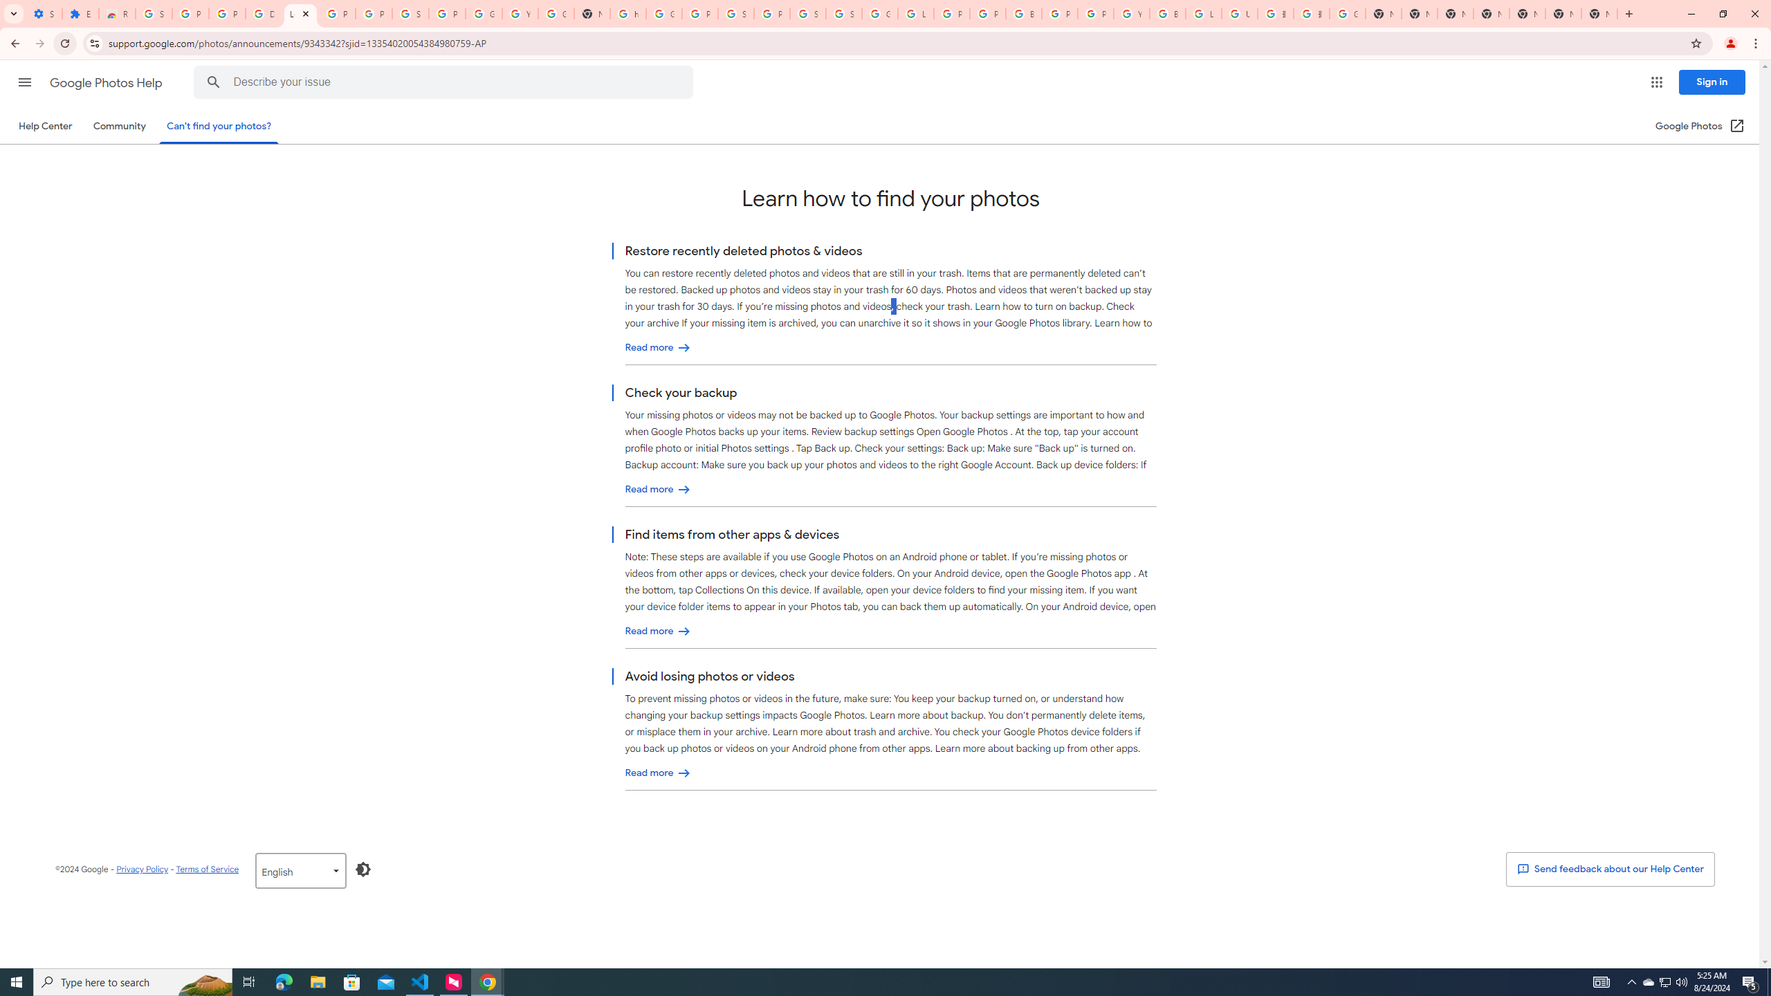  What do you see at coordinates (446, 82) in the screenshot?
I see `'Describe your issue'` at bounding box center [446, 82].